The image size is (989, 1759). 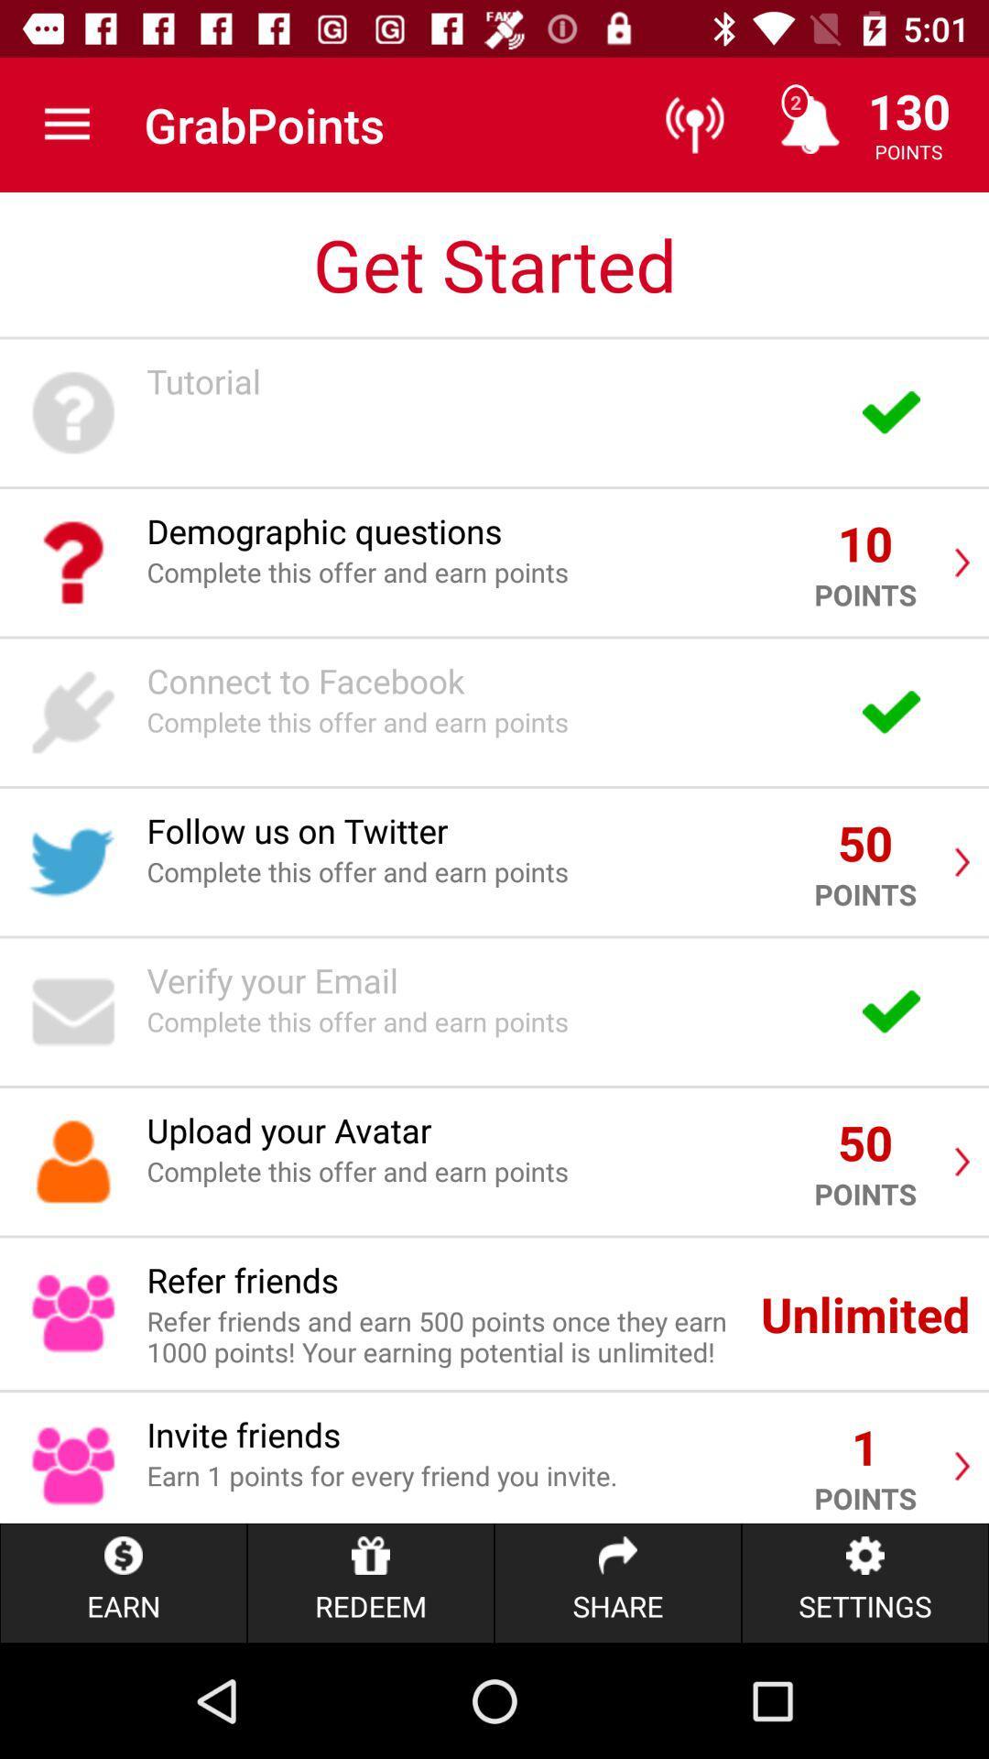 What do you see at coordinates (618, 1582) in the screenshot?
I see `the icon next to redeem` at bounding box center [618, 1582].